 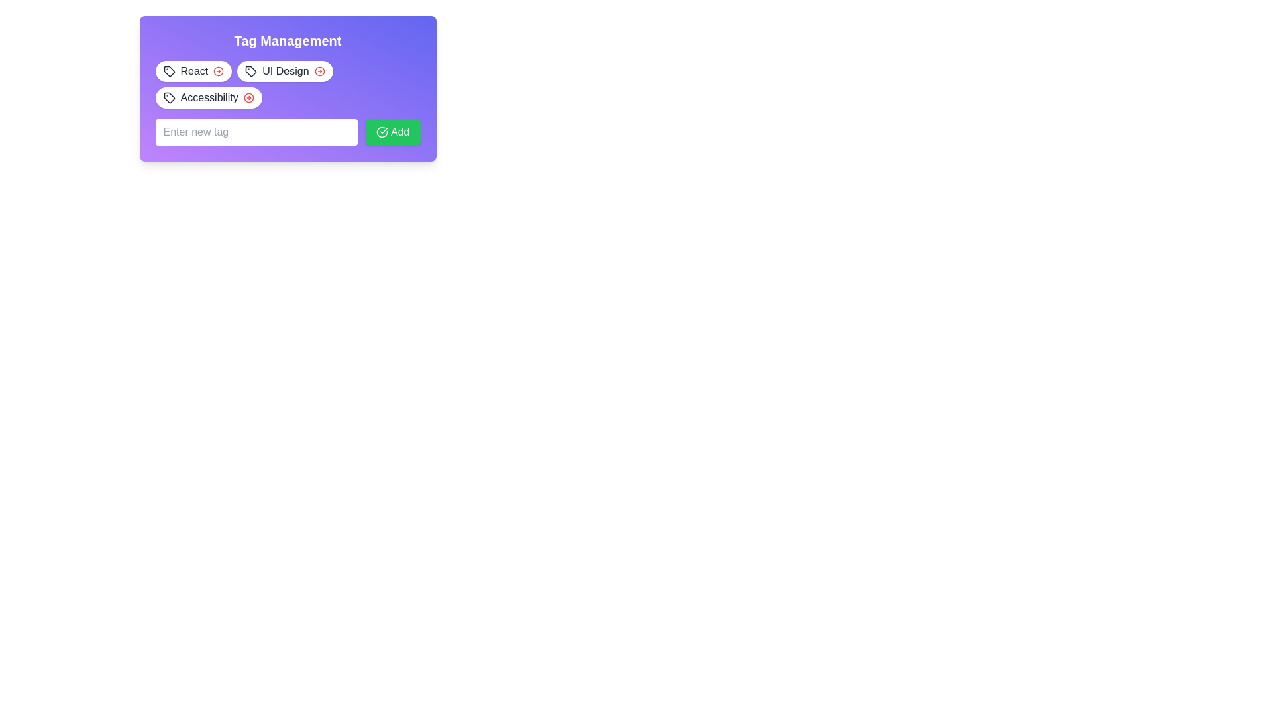 I want to click on the close button located at the right end of the 'UI Design' tag, so click(x=319, y=71).